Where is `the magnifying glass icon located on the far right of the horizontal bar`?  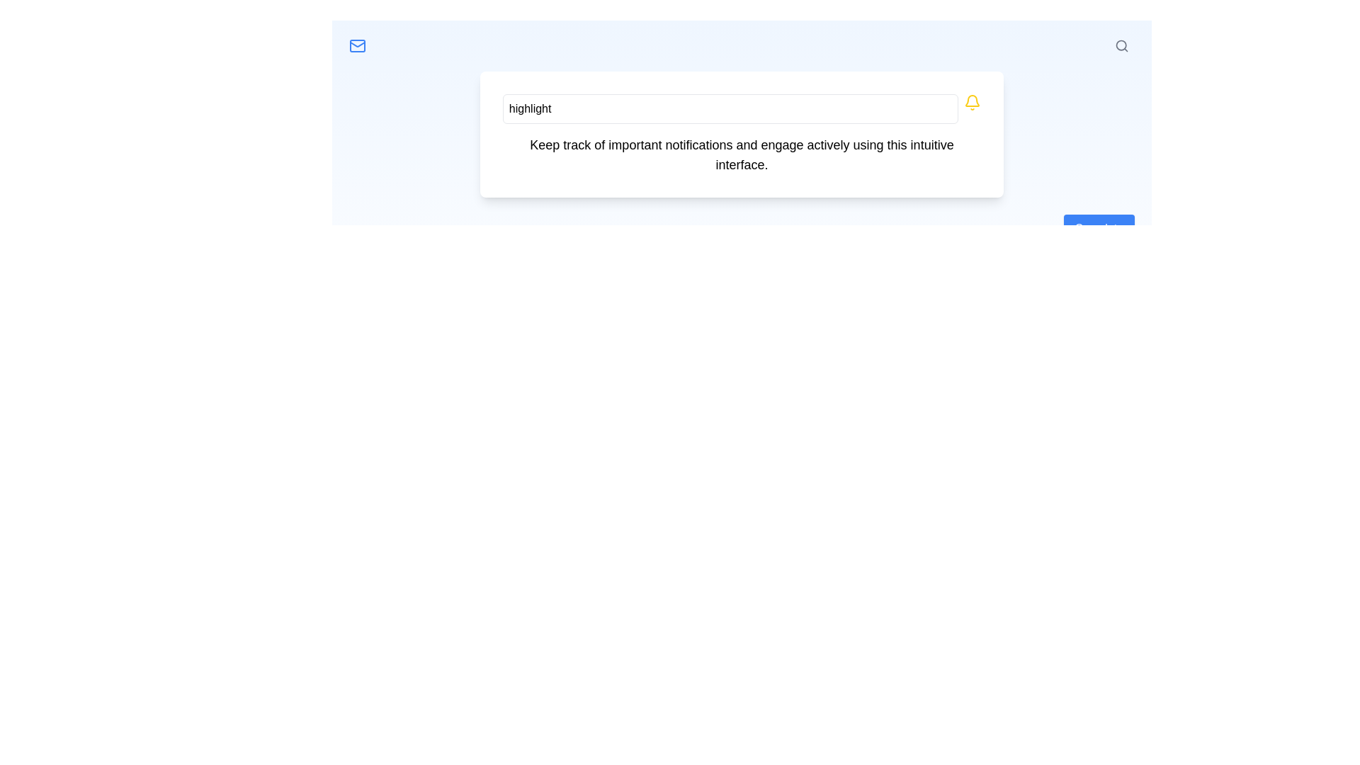
the magnifying glass icon located on the far right of the horizontal bar is located at coordinates (1121, 45).